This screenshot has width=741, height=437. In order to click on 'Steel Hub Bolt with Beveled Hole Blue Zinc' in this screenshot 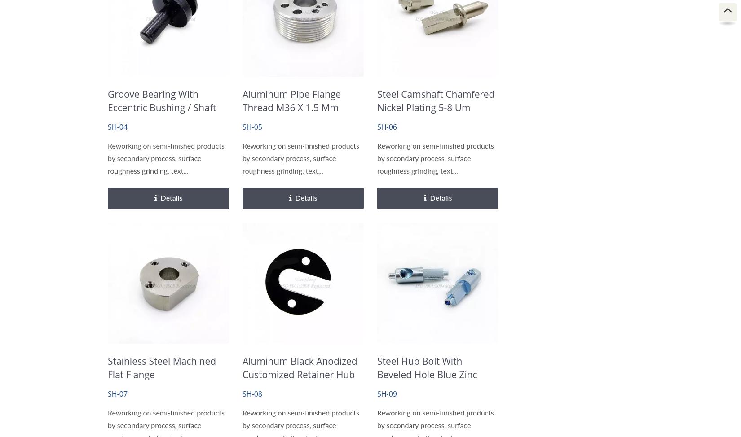, I will do `click(427, 368)`.